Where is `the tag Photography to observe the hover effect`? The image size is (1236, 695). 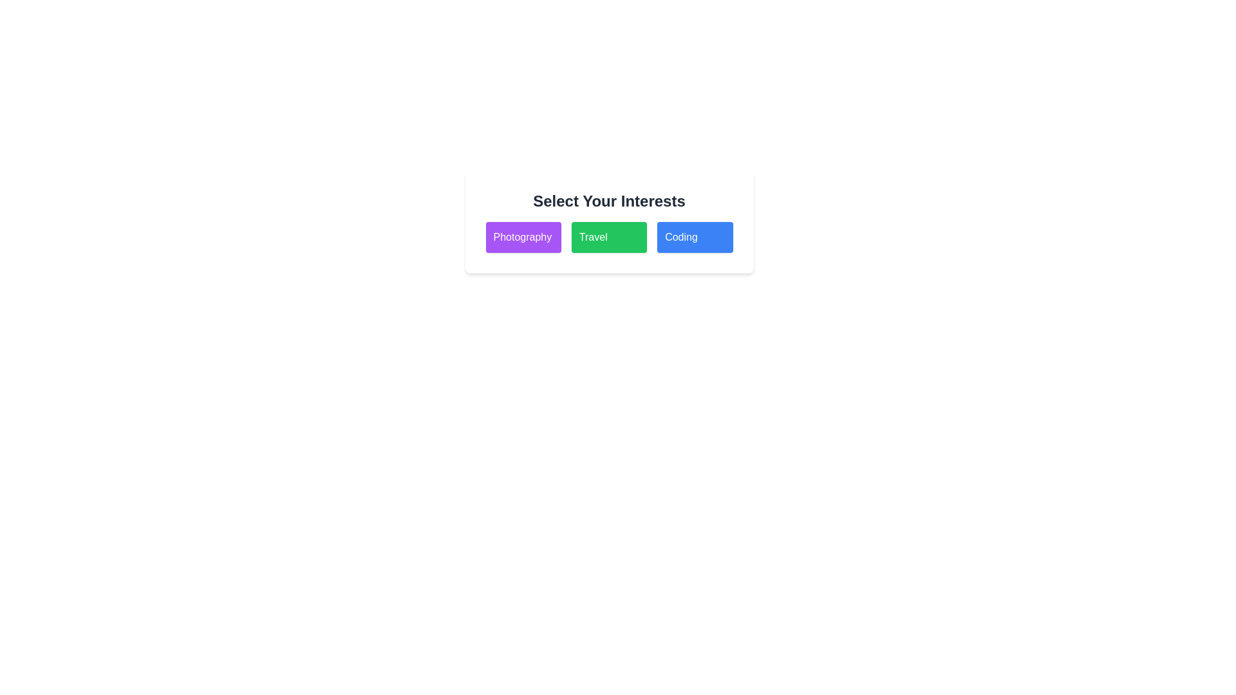 the tag Photography to observe the hover effect is located at coordinates (523, 237).